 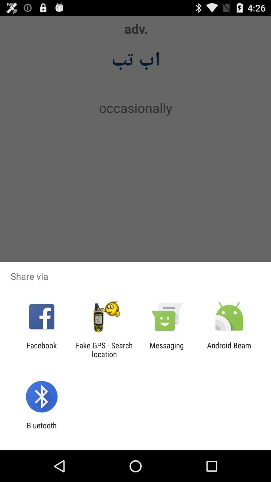 I want to click on icon at the bottom right corner, so click(x=229, y=349).